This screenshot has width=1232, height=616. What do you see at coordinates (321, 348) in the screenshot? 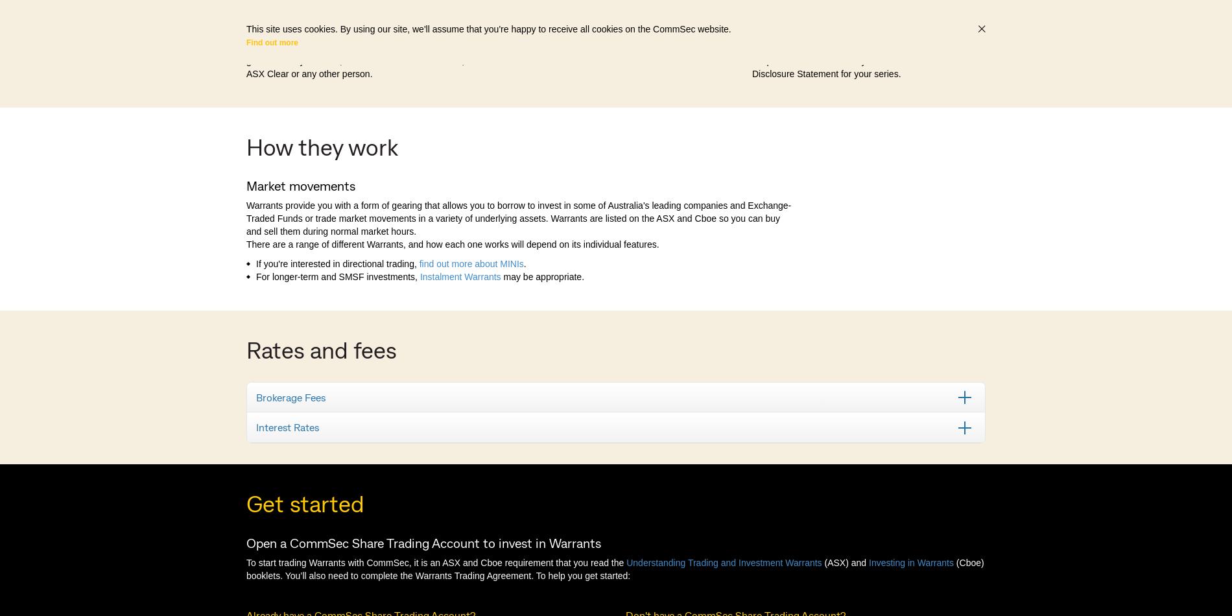
I see `'Rates and fees'` at bounding box center [321, 348].